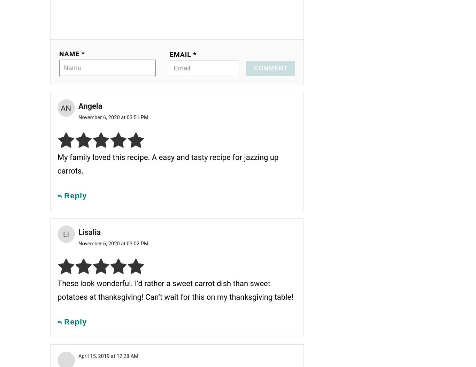 This screenshot has width=476, height=367. What do you see at coordinates (270, 68) in the screenshot?
I see `'Comment'` at bounding box center [270, 68].